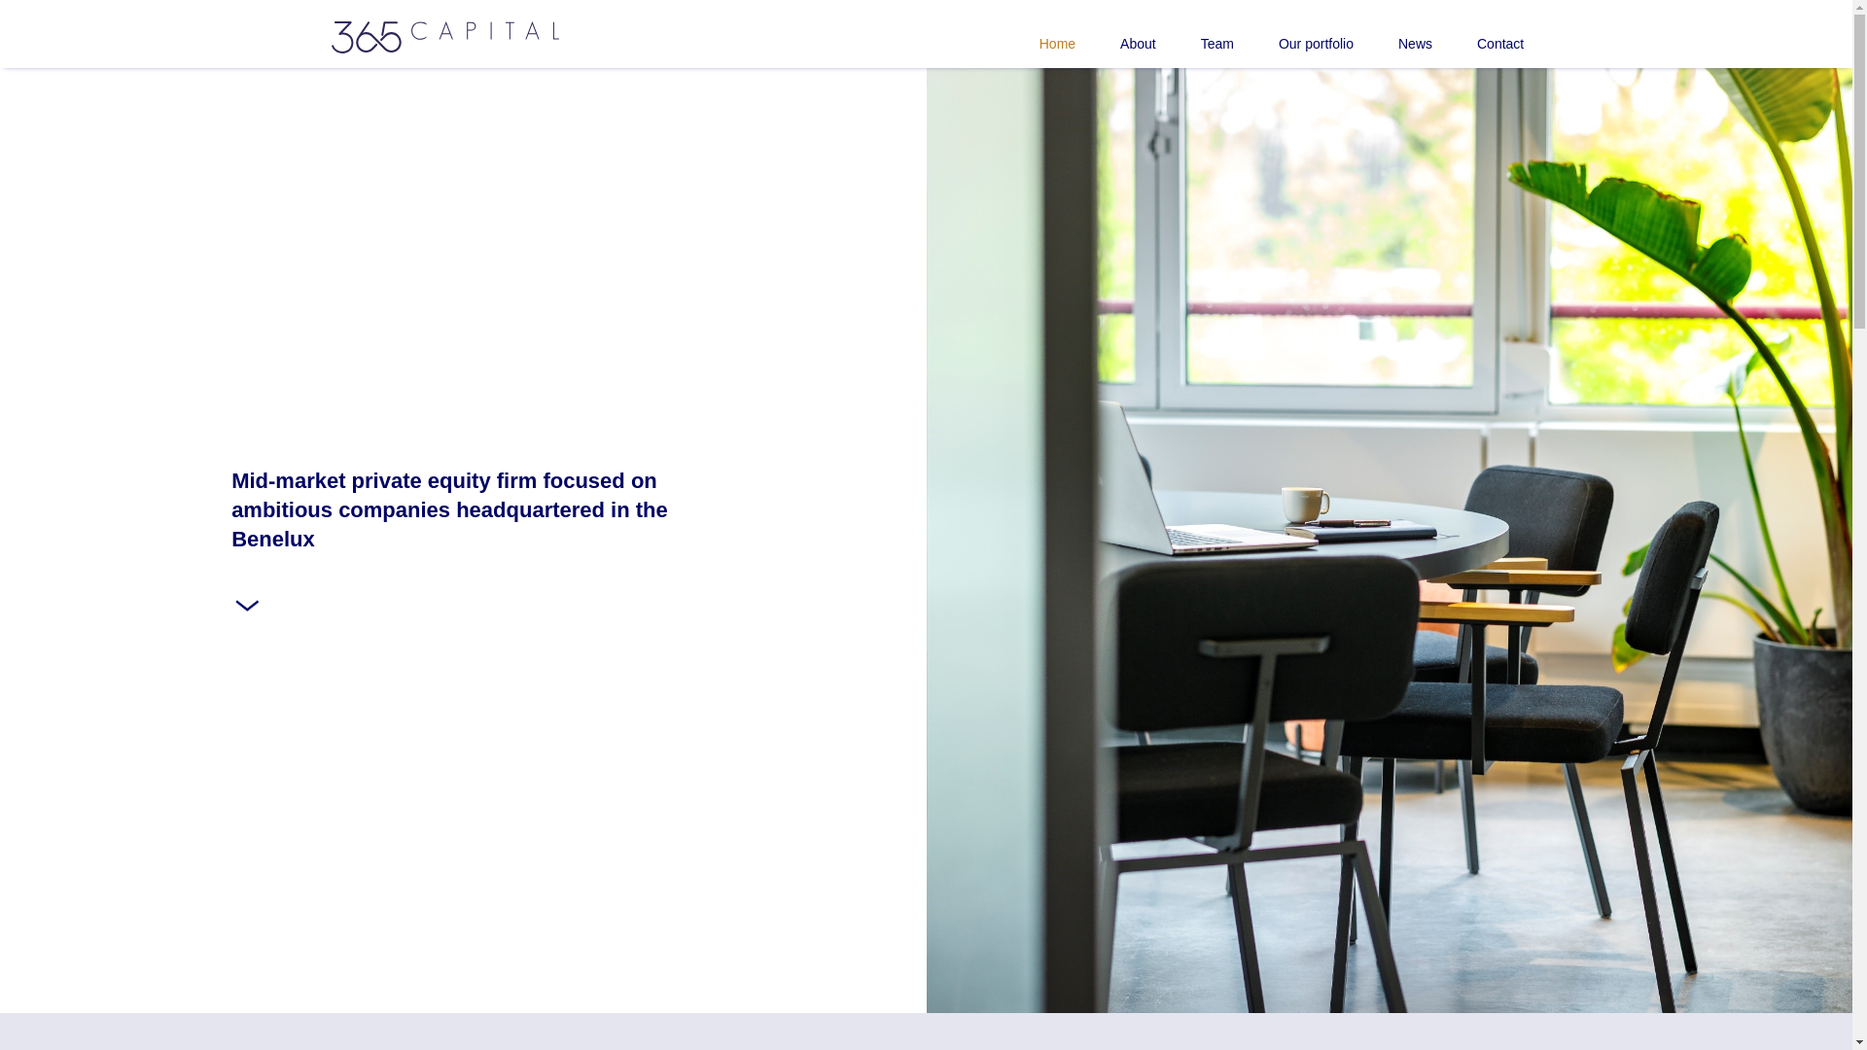 This screenshot has height=1050, width=1867. What do you see at coordinates (1293, 33) in the screenshot?
I see `'Our portfolio'` at bounding box center [1293, 33].